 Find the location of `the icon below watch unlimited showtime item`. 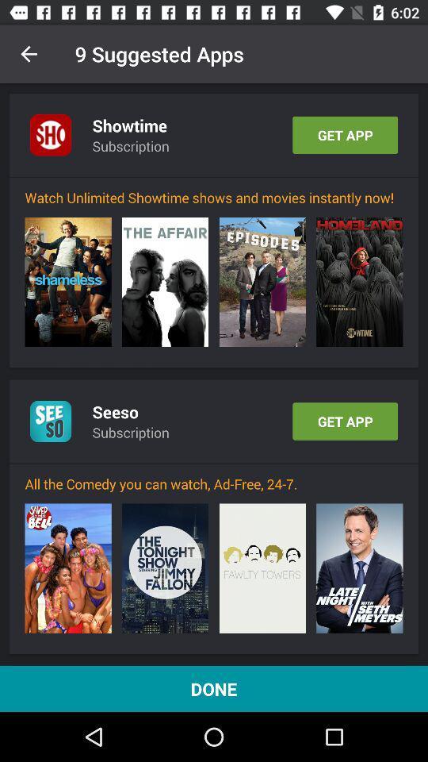

the icon below watch unlimited showtime item is located at coordinates (262, 282).